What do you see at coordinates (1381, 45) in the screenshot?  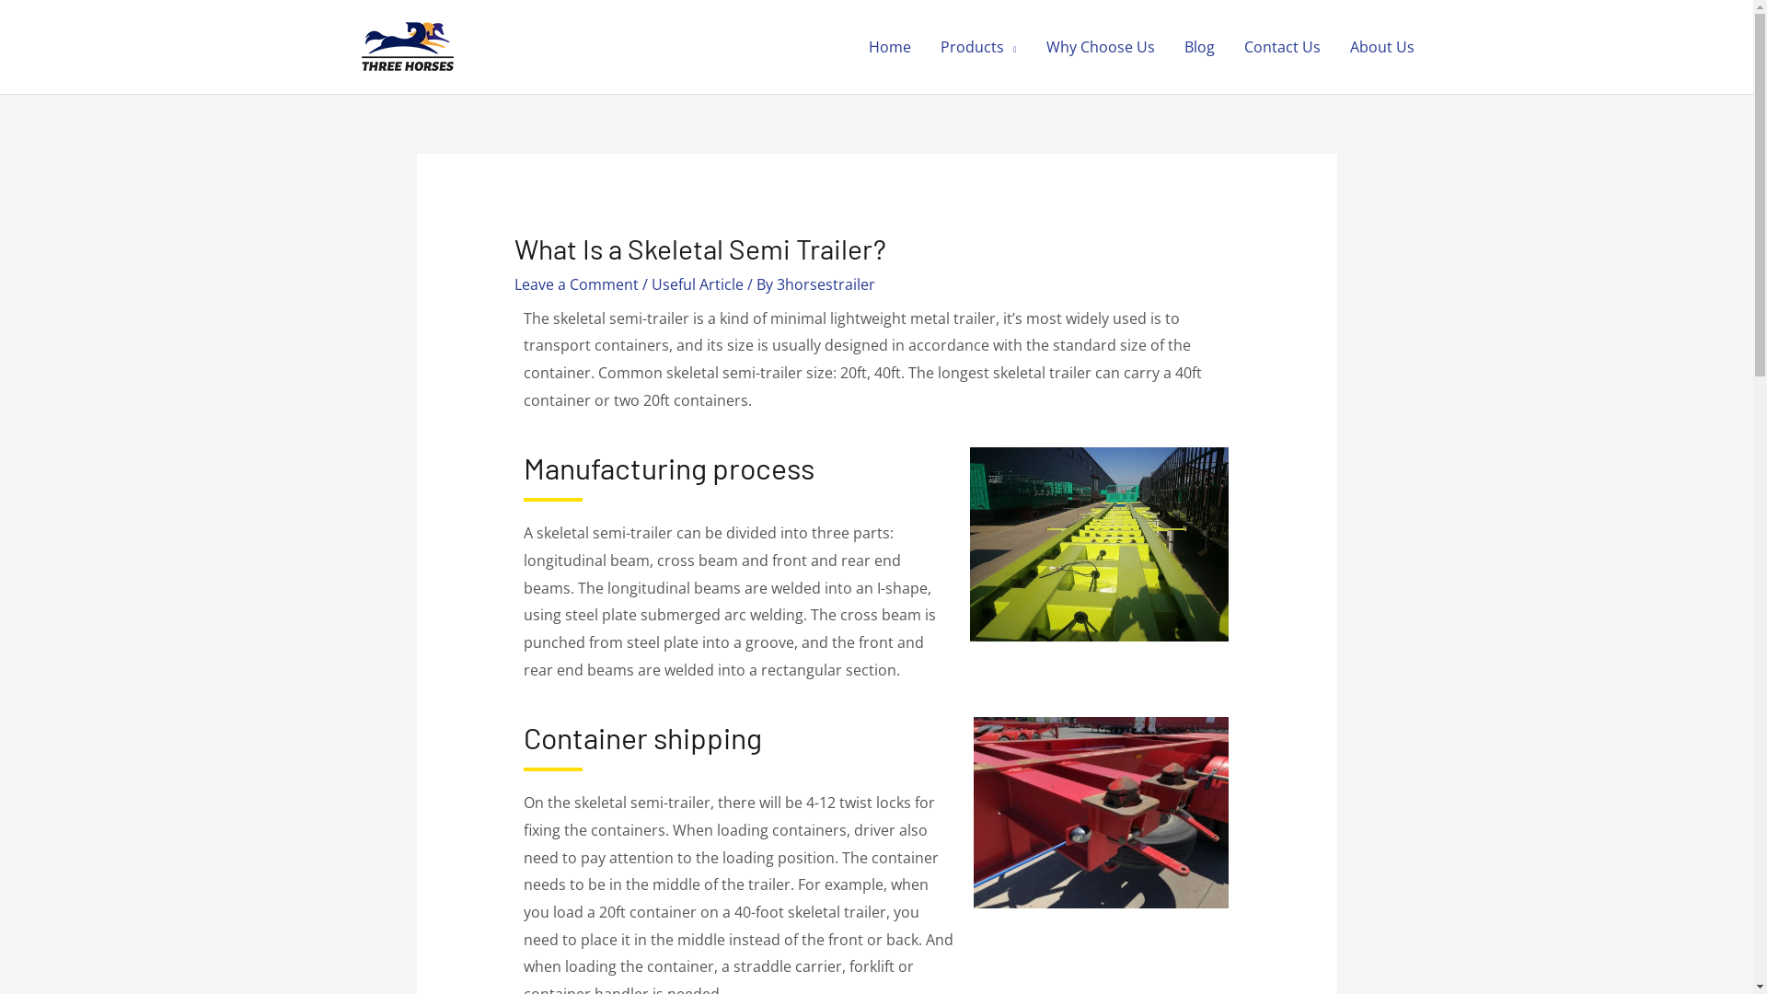 I see `'About Us'` at bounding box center [1381, 45].